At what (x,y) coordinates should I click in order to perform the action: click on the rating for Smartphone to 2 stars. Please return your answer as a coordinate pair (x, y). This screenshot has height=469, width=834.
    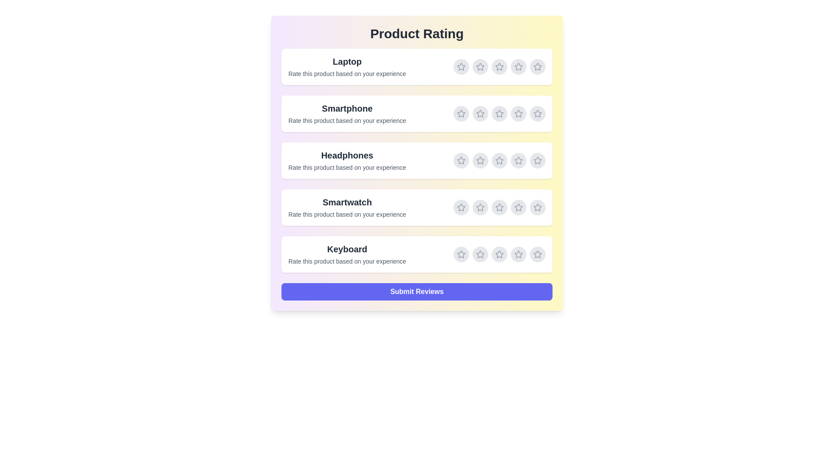
    Looking at the image, I should click on (480, 113).